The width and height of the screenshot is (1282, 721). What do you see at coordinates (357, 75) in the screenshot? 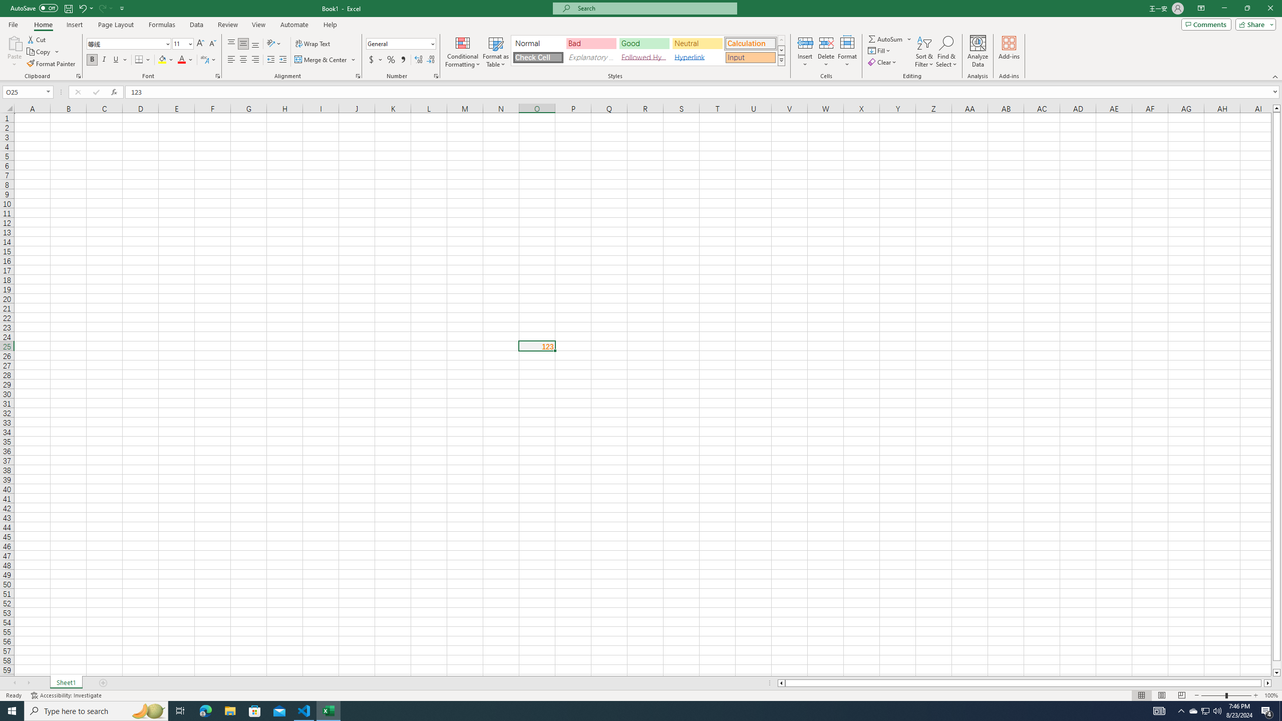
I see `'Format Cell Alignment'` at bounding box center [357, 75].